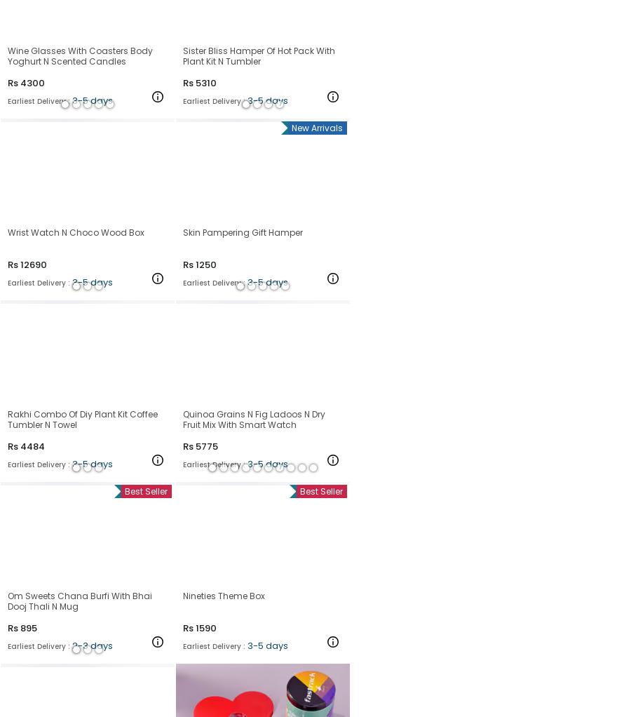  I want to click on 'Wine Glasses With Coasters Body Yoghurt N Scented Candles', so click(79, 55).